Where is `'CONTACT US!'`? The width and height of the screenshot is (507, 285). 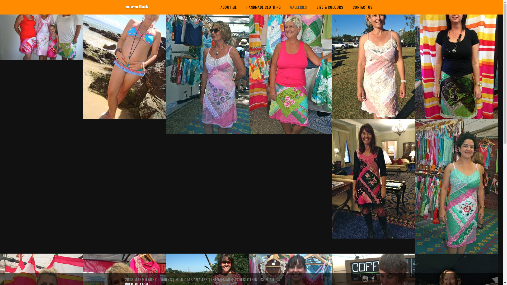
'CONTACT US!' is located at coordinates (363, 7).